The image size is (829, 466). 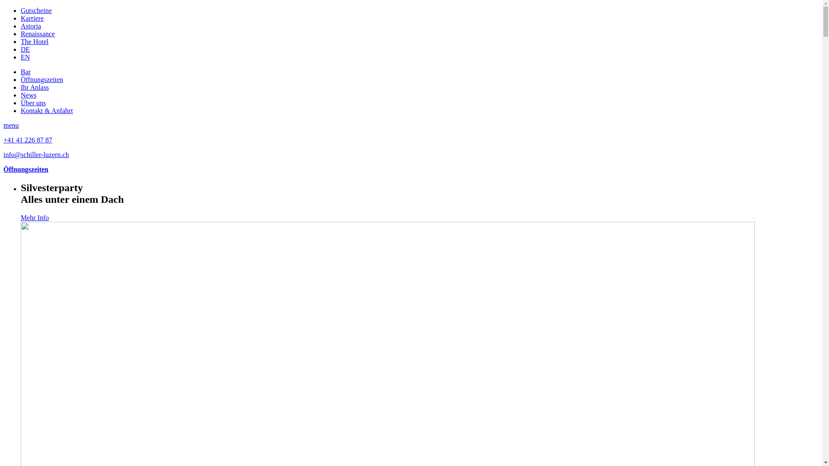 What do you see at coordinates (11, 125) in the screenshot?
I see `'menu'` at bounding box center [11, 125].